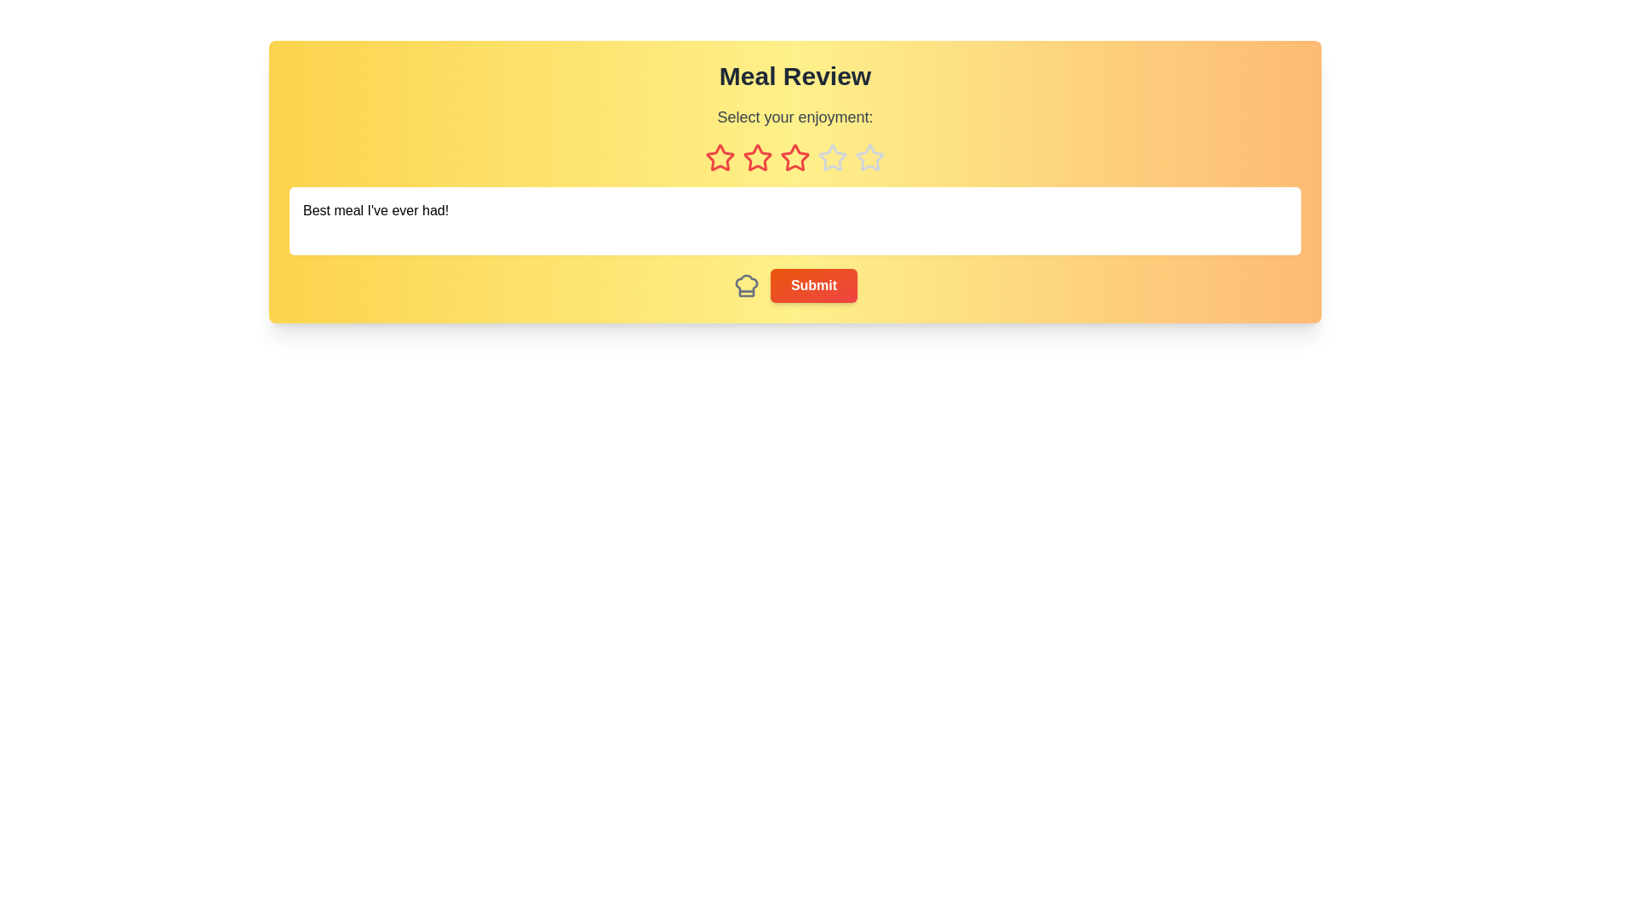 The image size is (1635, 919). What do you see at coordinates (720, 157) in the screenshot?
I see `the first star rating icon with a red border and yellow background` at bounding box center [720, 157].